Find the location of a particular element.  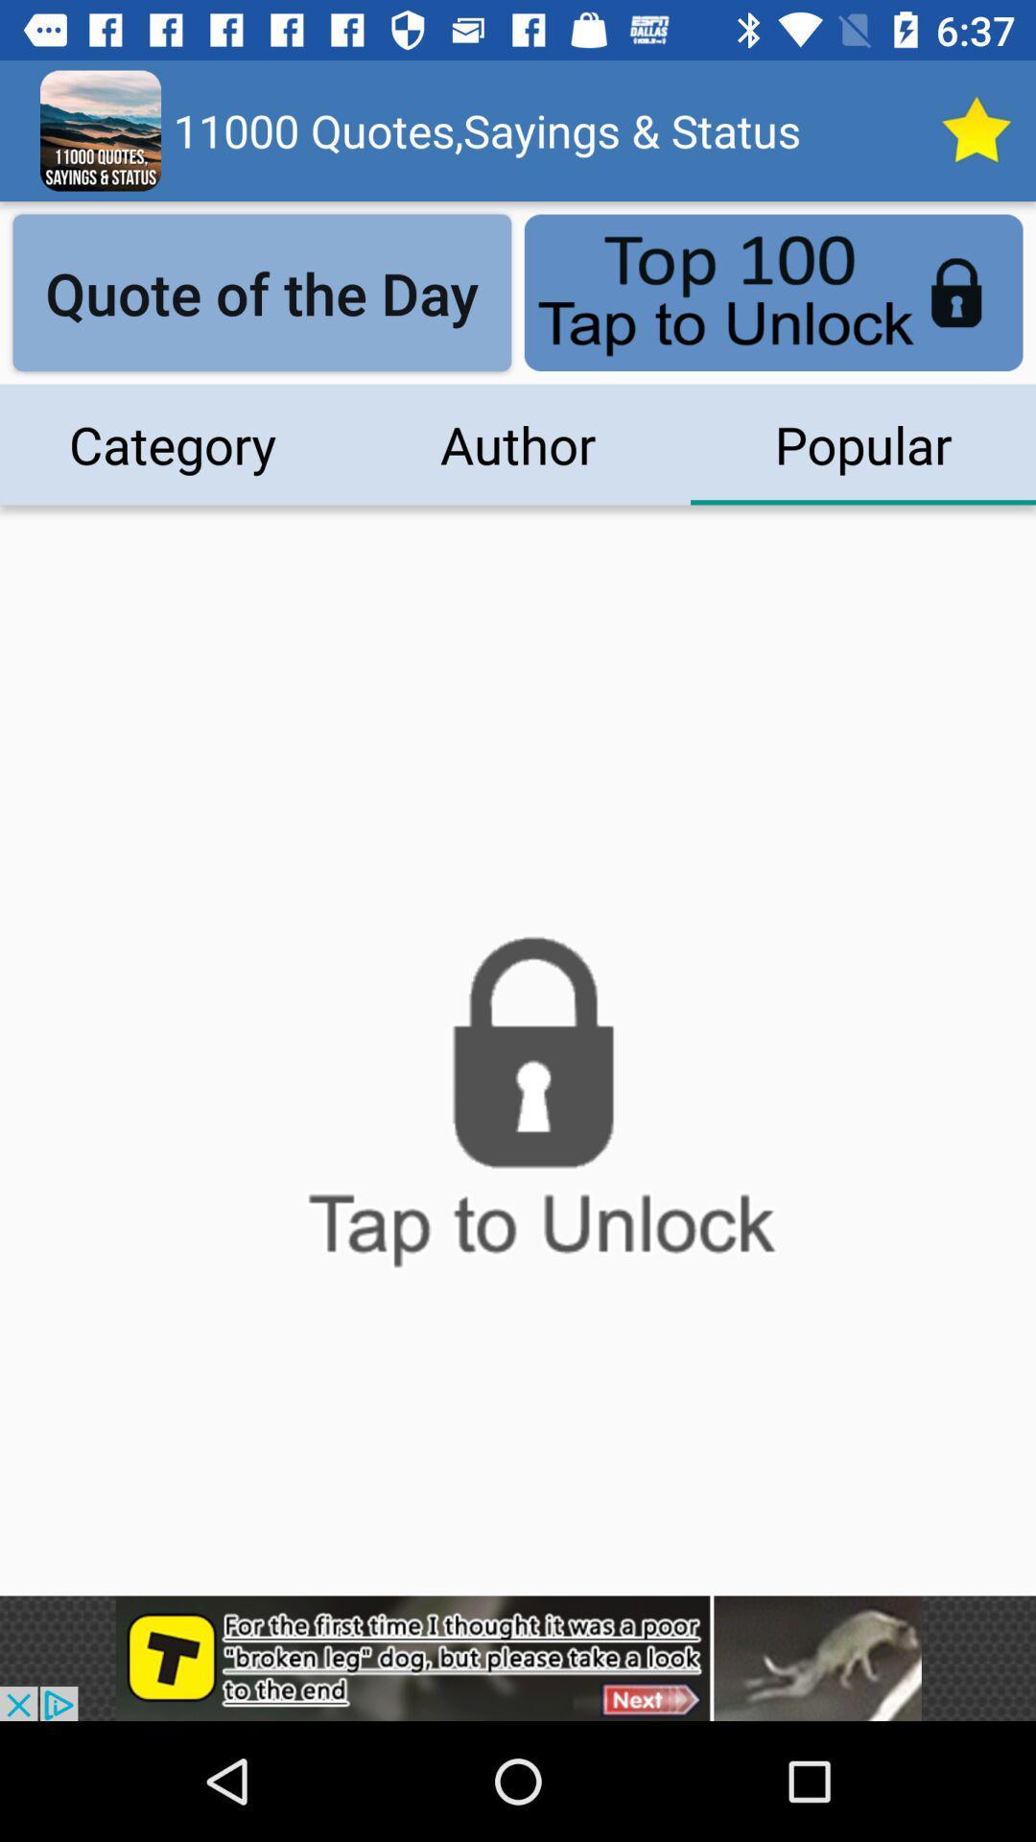

the tap to unlock is located at coordinates (518, 1113).